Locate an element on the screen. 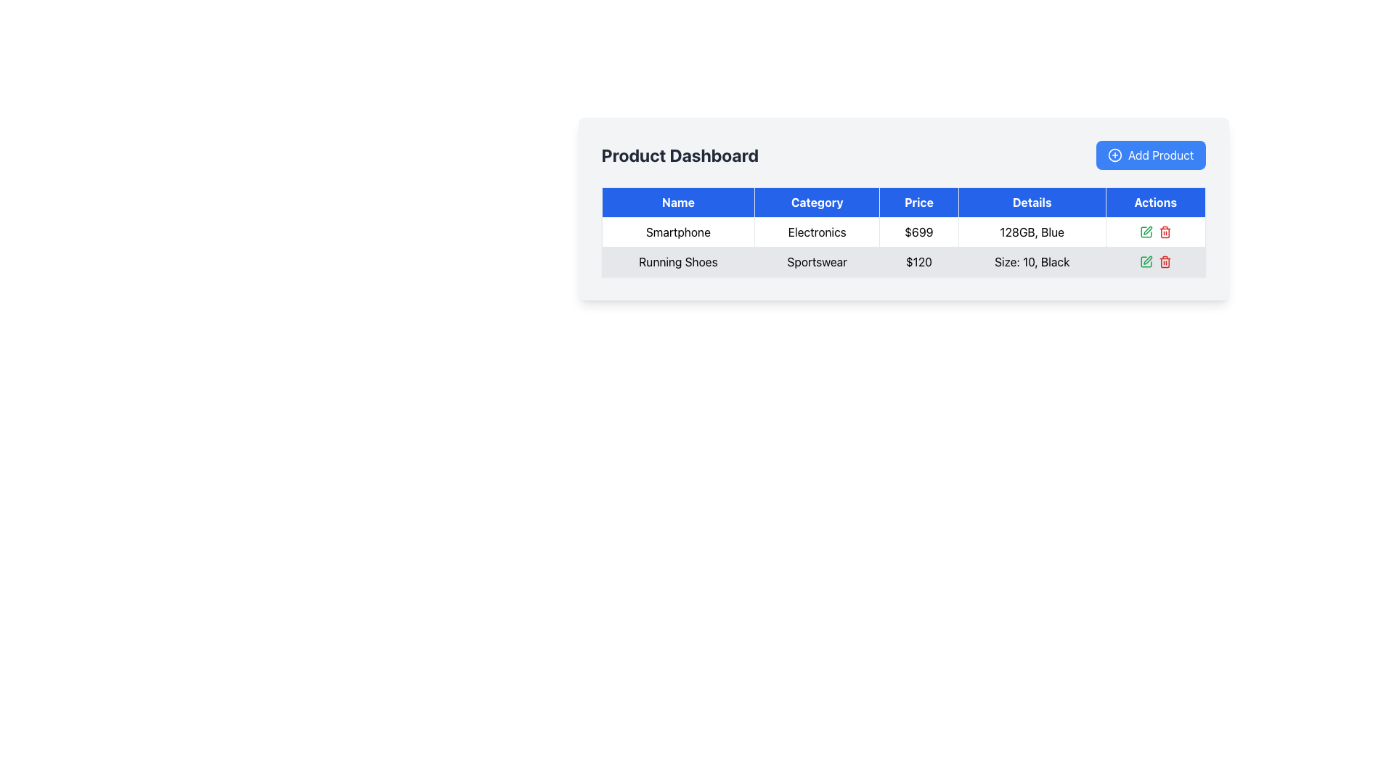 The height and width of the screenshot is (784, 1394). the Horizontal Icon Group, which contains a green 'Edit' icon and a red 'Delete' icon, located in the second row of the 'Actions' column in the 'Product Dashboard' section is located at coordinates (1154, 232).